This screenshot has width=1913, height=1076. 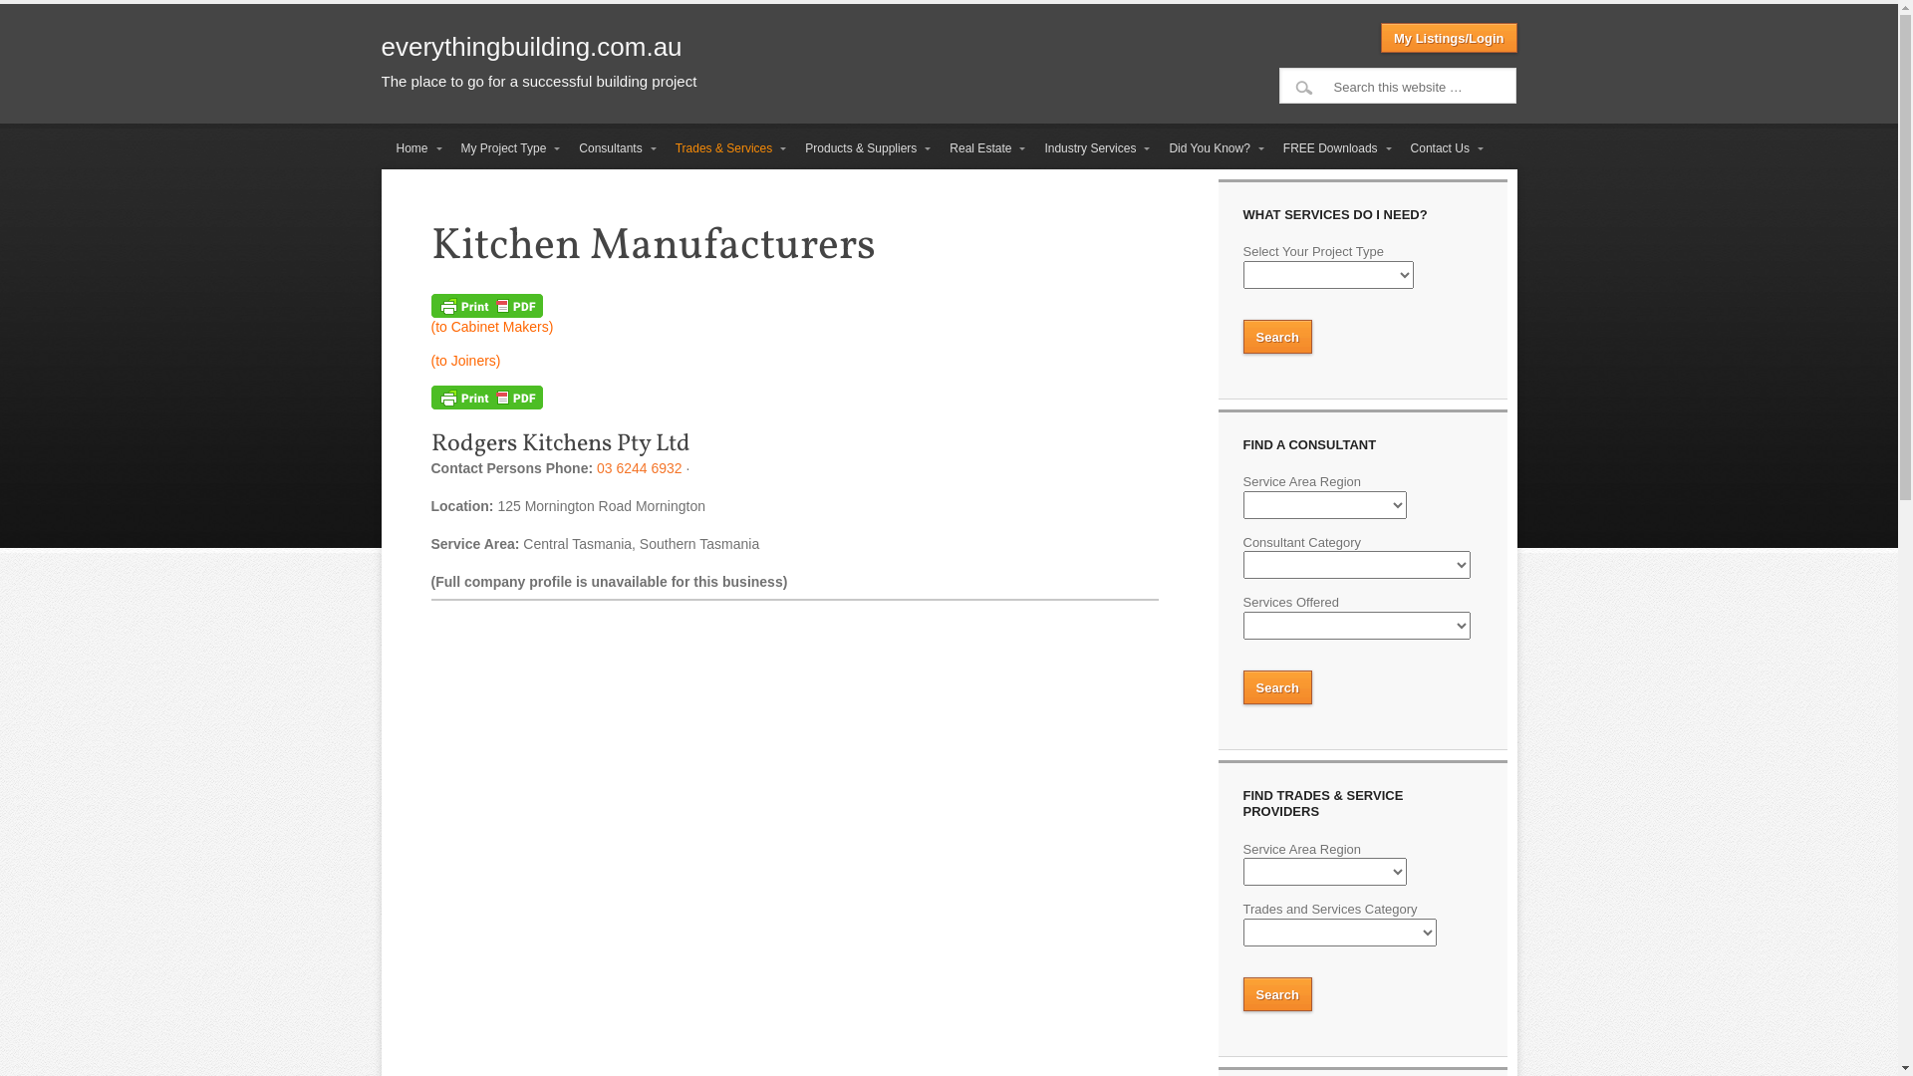 What do you see at coordinates (1441, 147) in the screenshot?
I see `'Contact Us'` at bounding box center [1441, 147].